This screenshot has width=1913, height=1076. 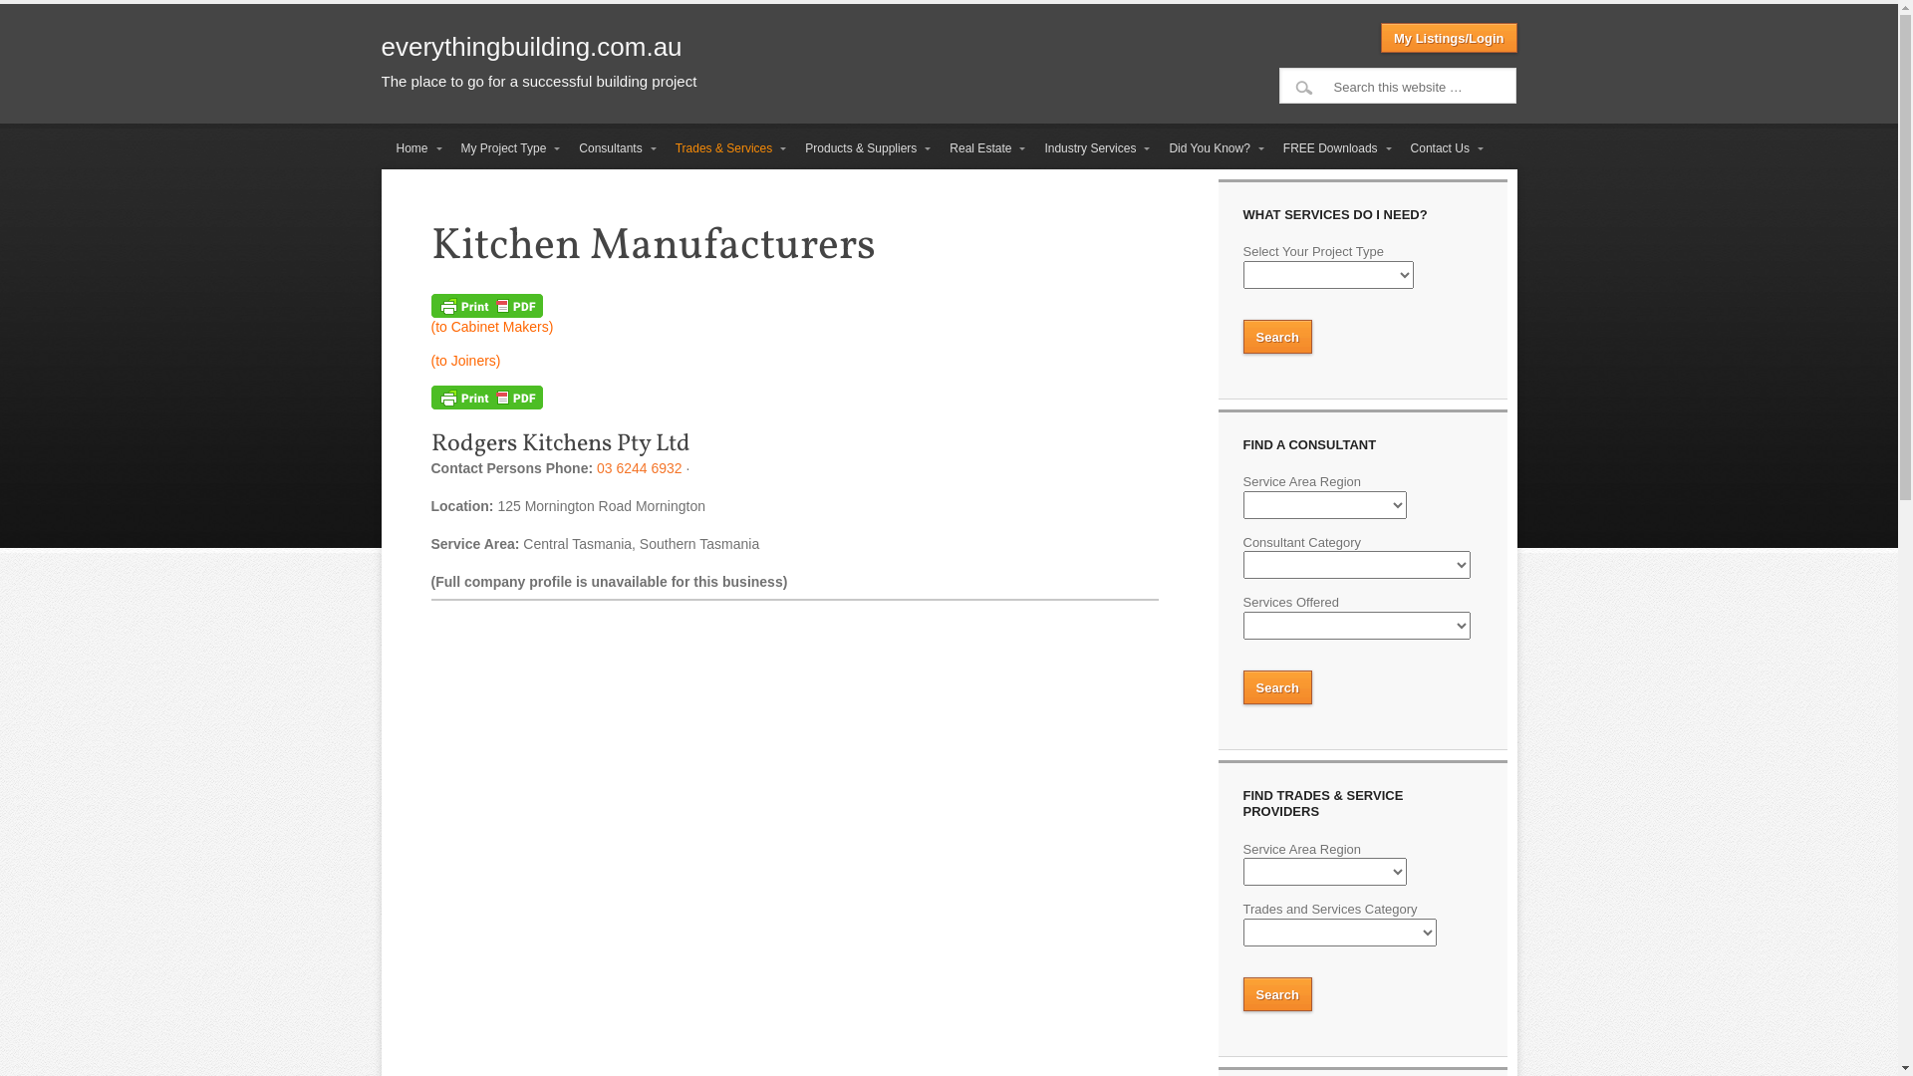 What do you see at coordinates (1441, 147) in the screenshot?
I see `'Contact Us'` at bounding box center [1441, 147].